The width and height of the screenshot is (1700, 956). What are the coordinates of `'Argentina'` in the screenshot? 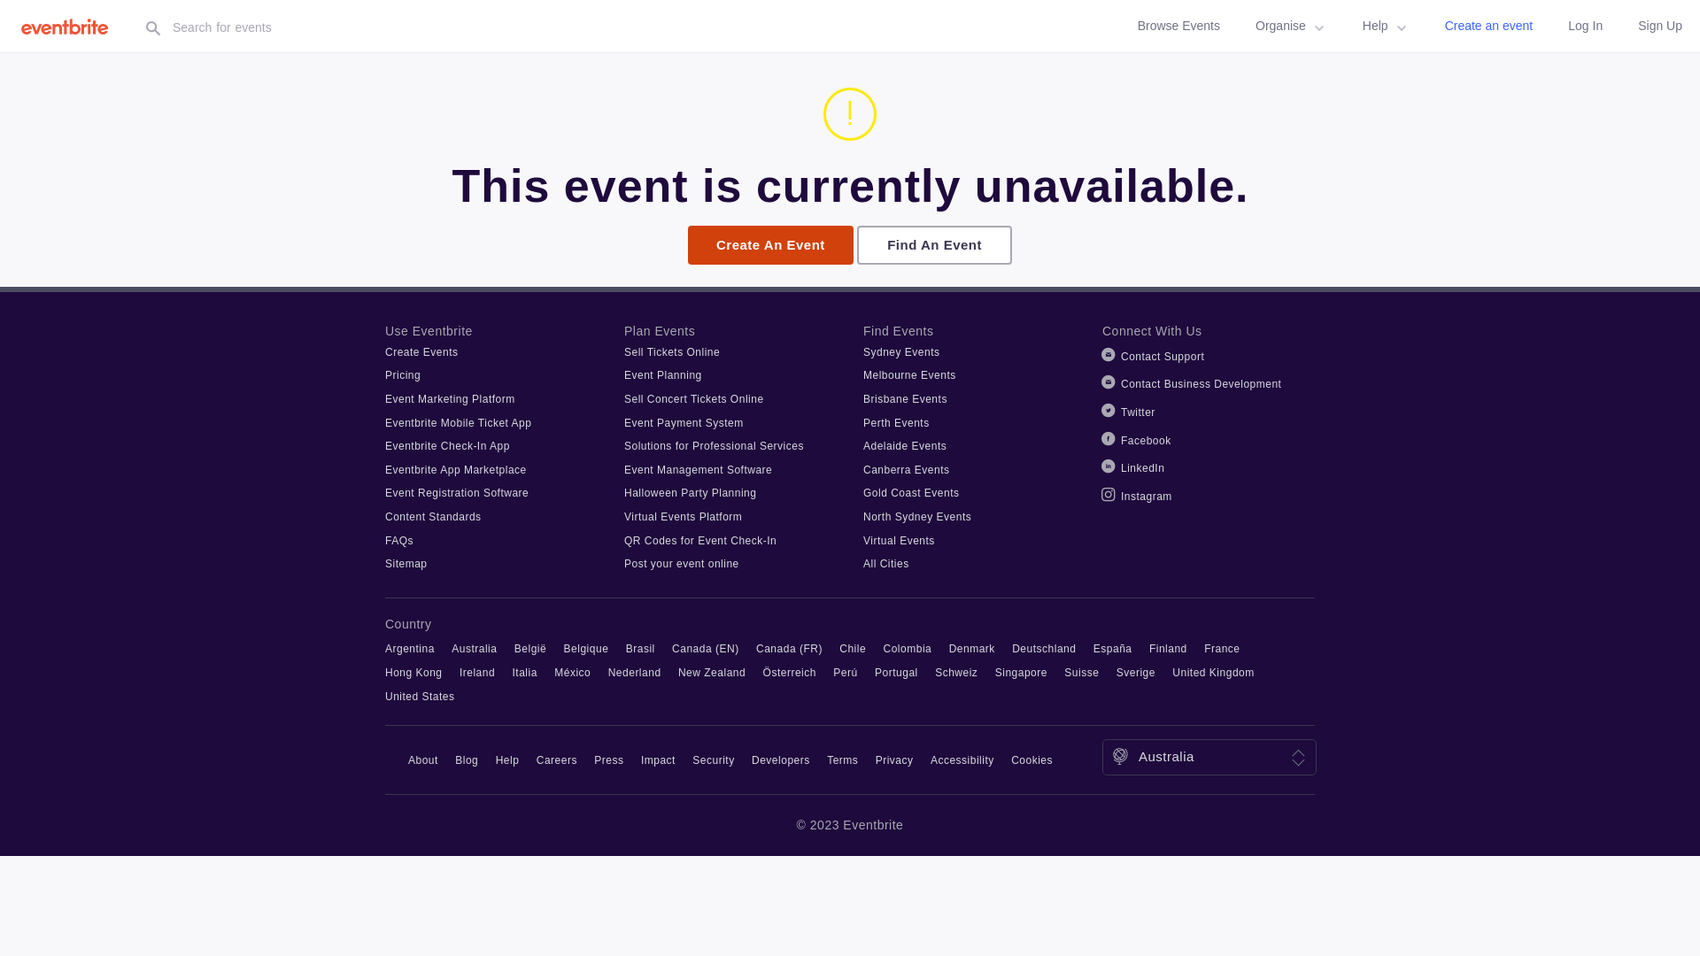 It's located at (408, 648).